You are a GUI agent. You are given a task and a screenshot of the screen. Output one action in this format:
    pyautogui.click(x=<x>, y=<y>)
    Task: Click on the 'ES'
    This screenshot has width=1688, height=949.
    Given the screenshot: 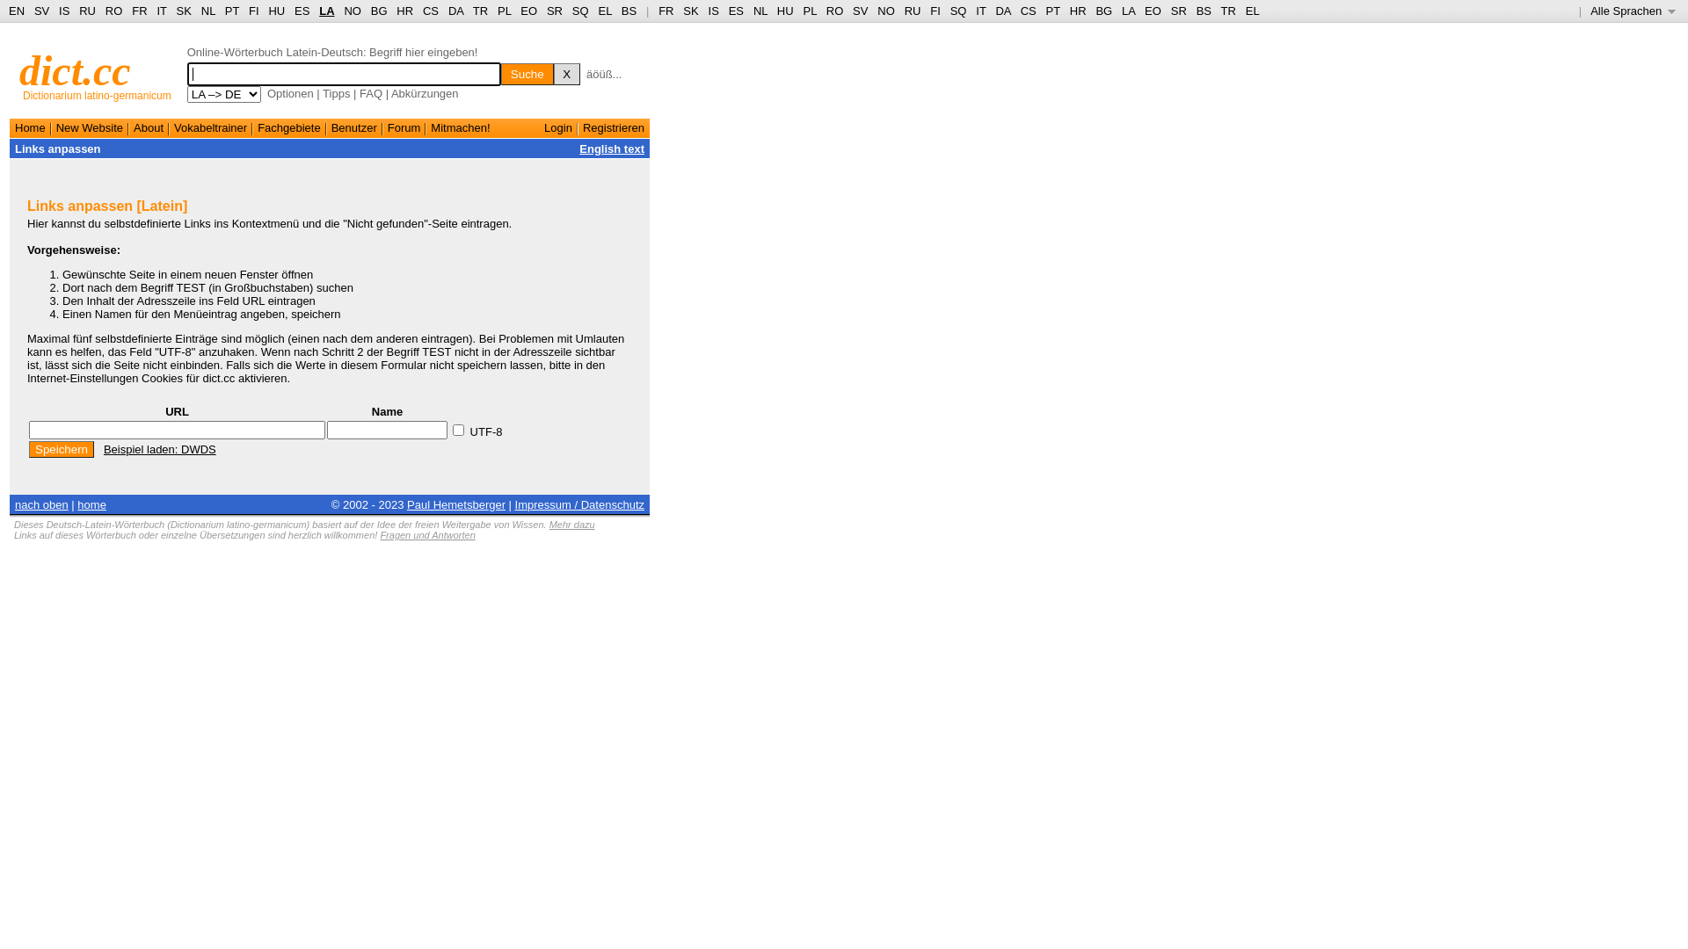 What is the action you would take?
    pyautogui.click(x=302, y=11)
    